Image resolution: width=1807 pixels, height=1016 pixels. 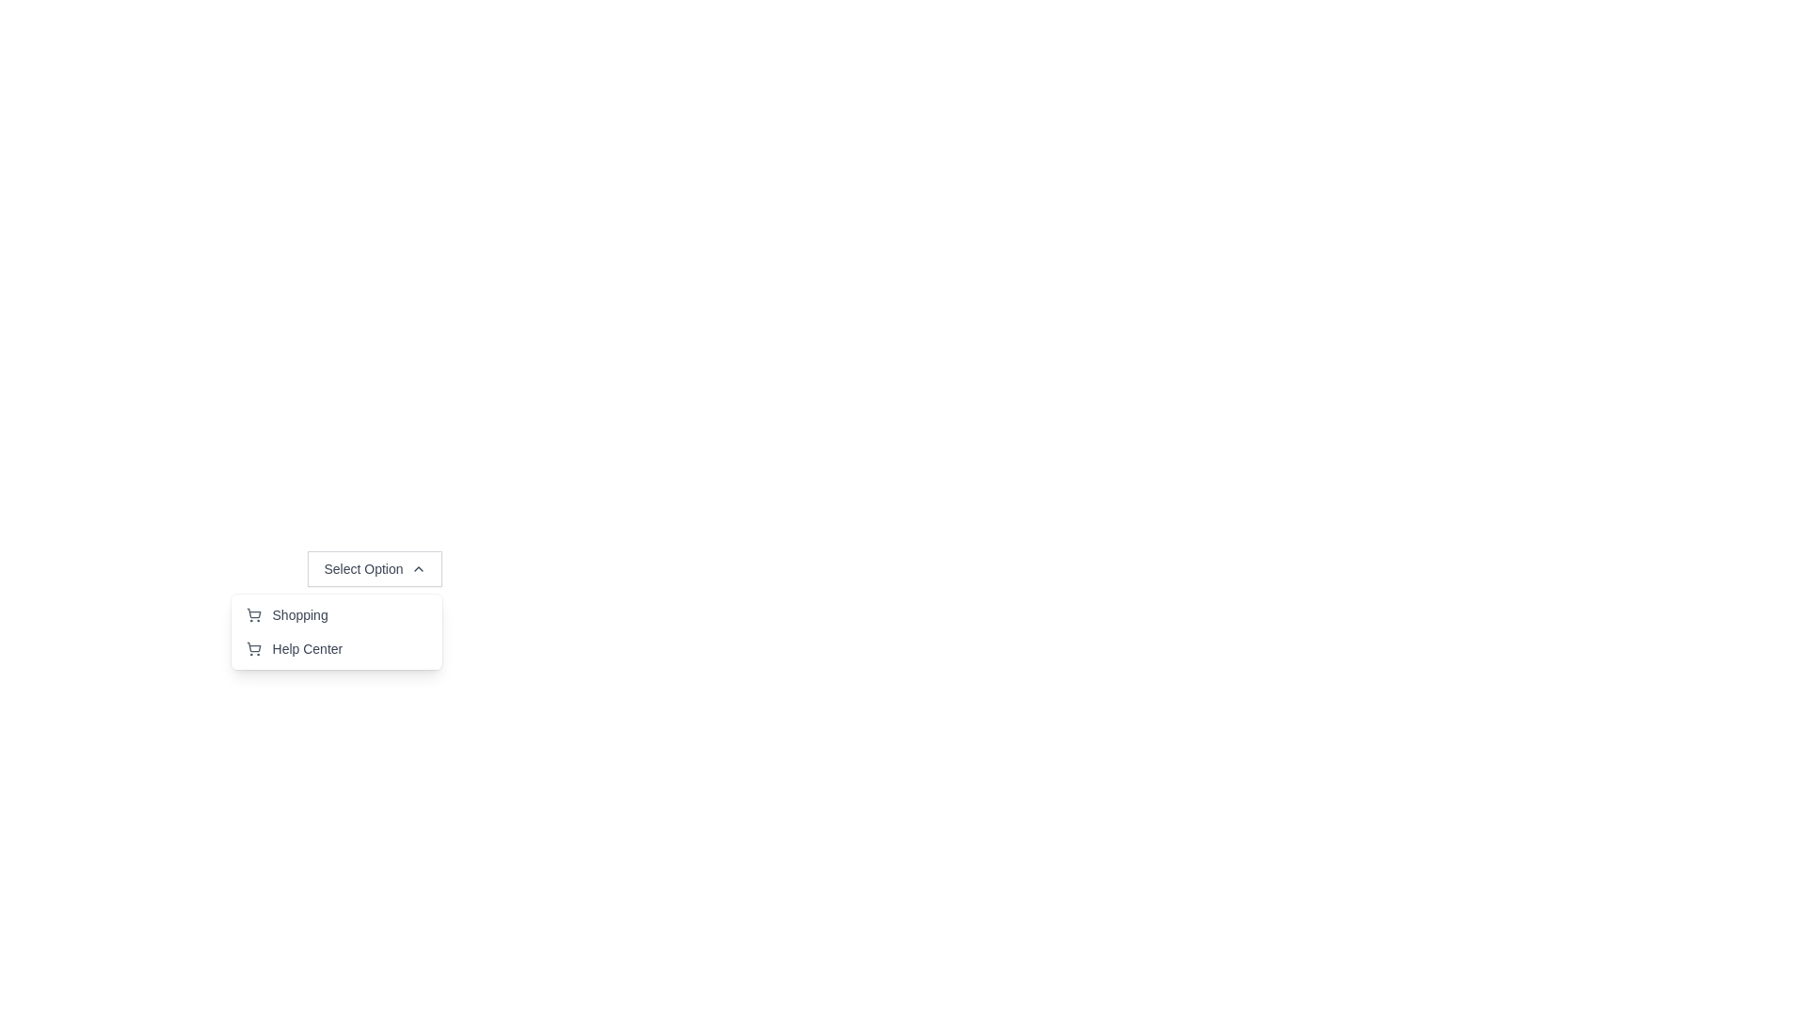 I want to click on the 'Help Center' button, which is styled with gray text and features a cart icon on the left, to trigger the background color change, so click(x=293, y=648).